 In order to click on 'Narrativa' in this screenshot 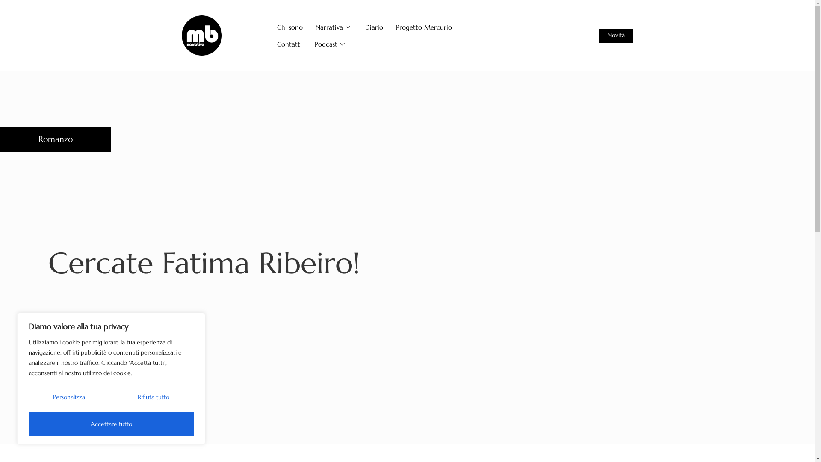, I will do `click(334, 26)`.